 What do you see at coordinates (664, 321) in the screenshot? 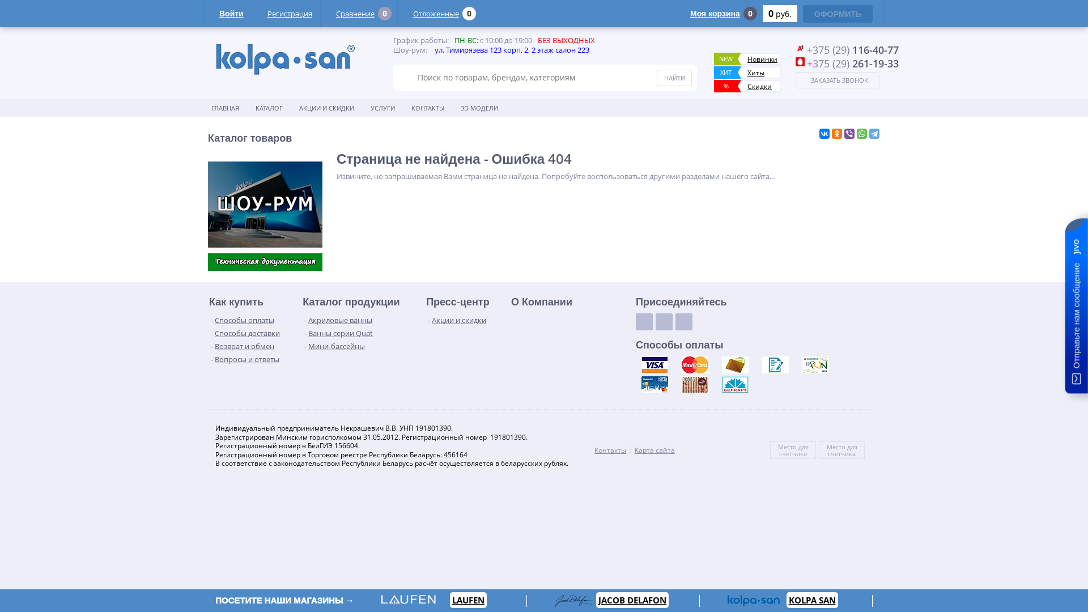
I see `'Facebook'` at bounding box center [664, 321].